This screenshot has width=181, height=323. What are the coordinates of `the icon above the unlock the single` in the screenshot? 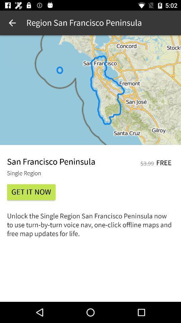 It's located at (31, 192).